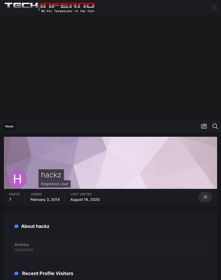 This screenshot has width=221, height=280. I want to click on 'February 3, 2014', so click(45, 199).